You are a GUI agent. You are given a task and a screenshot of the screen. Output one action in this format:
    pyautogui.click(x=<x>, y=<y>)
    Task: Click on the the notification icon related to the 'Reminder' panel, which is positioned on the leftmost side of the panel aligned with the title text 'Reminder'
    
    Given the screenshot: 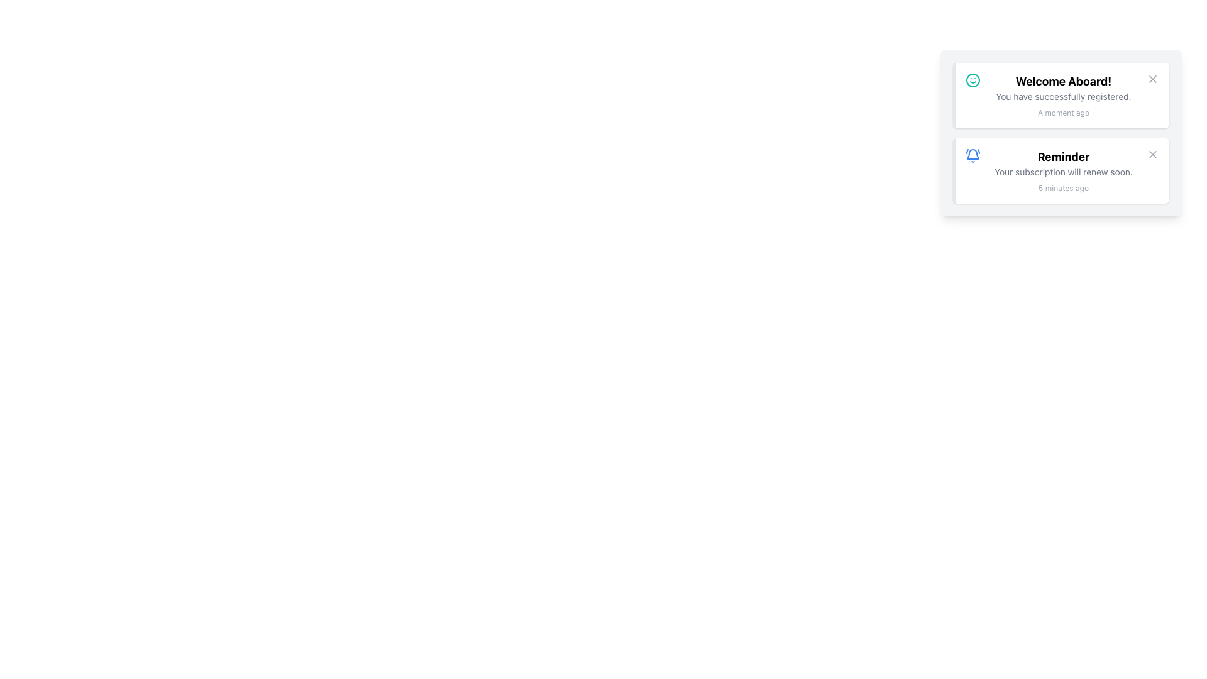 What is the action you would take?
    pyautogui.click(x=973, y=155)
    